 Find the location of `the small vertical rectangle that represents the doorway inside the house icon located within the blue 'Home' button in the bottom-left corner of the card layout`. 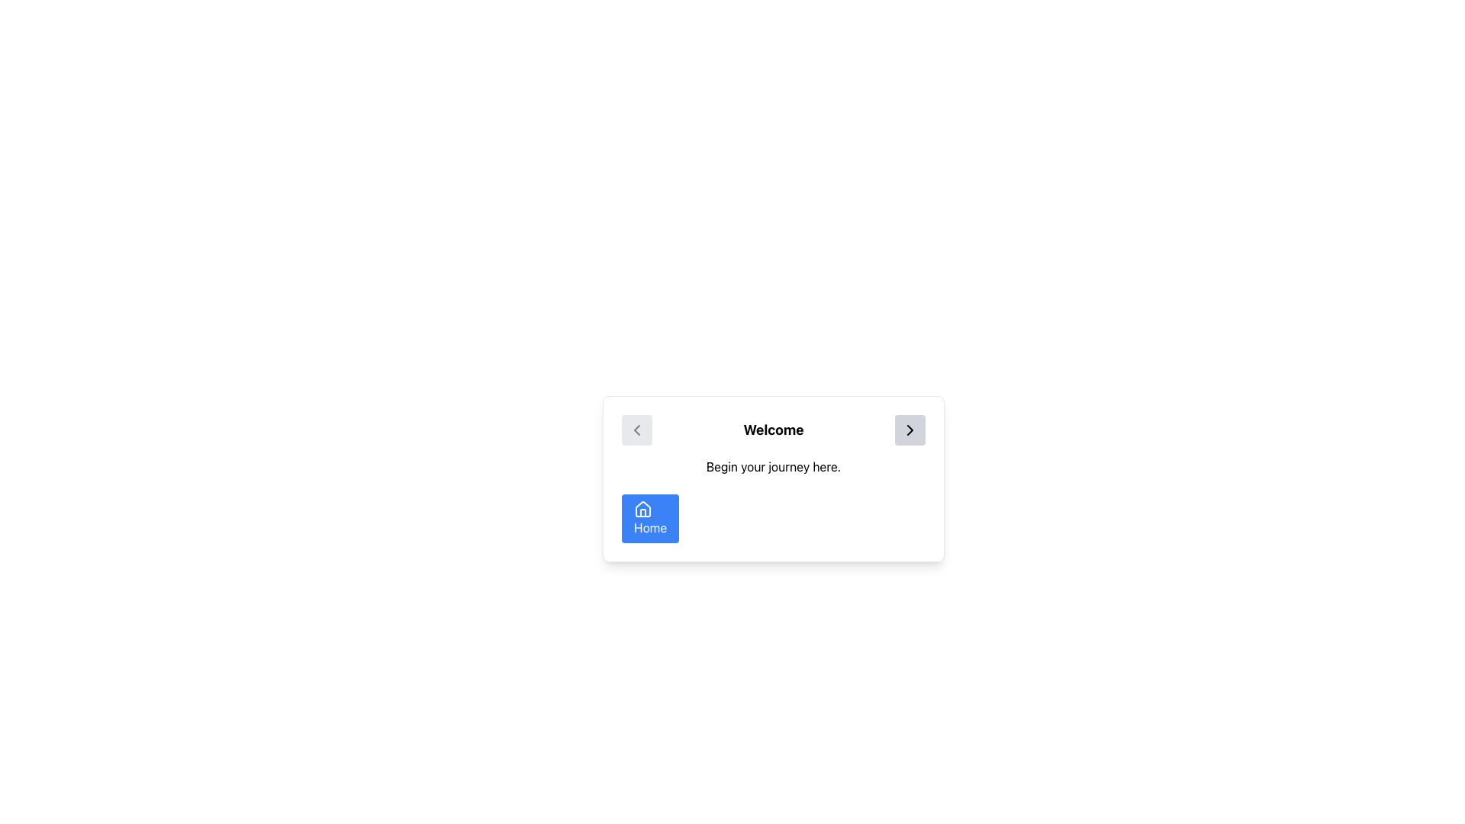

the small vertical rectangle that represents the doorway inside the house icon located within the blue 'Home' button in the bottom-left corner of the card layout is located at coordinates (643, 513).